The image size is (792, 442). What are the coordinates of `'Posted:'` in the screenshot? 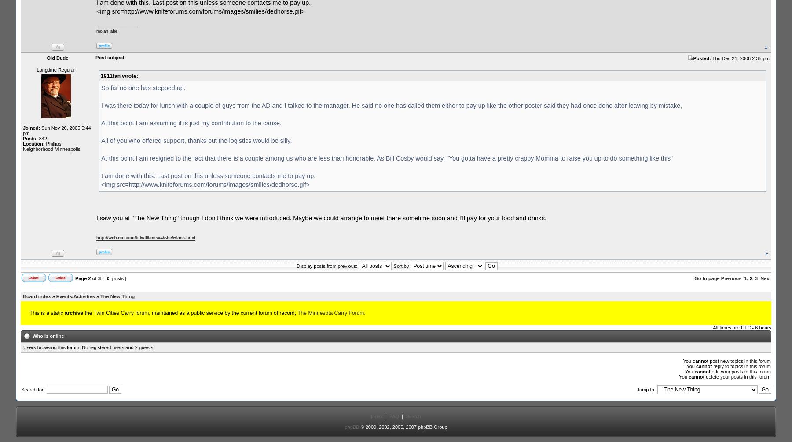 It's located at (701, 58).